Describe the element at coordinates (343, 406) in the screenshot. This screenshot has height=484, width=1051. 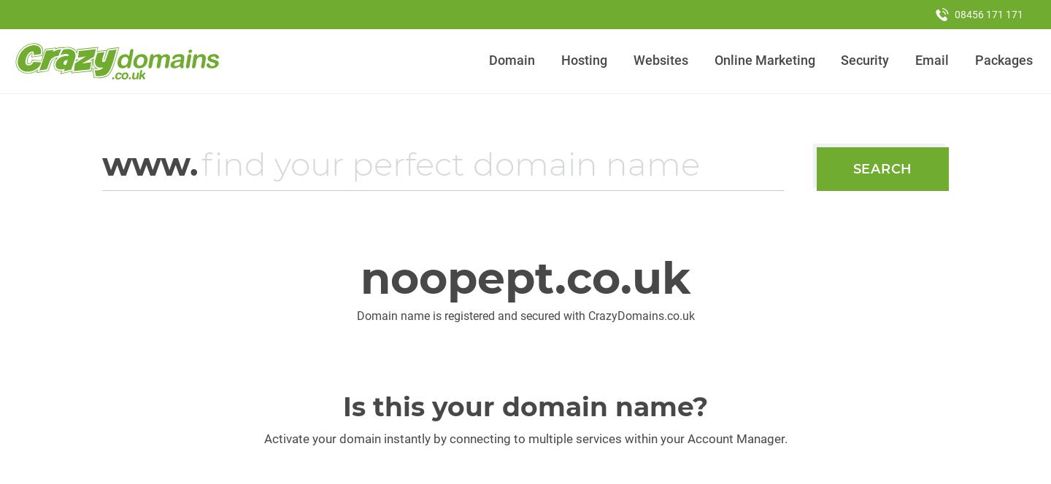
I see `'Is this your domain name?'` at that location.